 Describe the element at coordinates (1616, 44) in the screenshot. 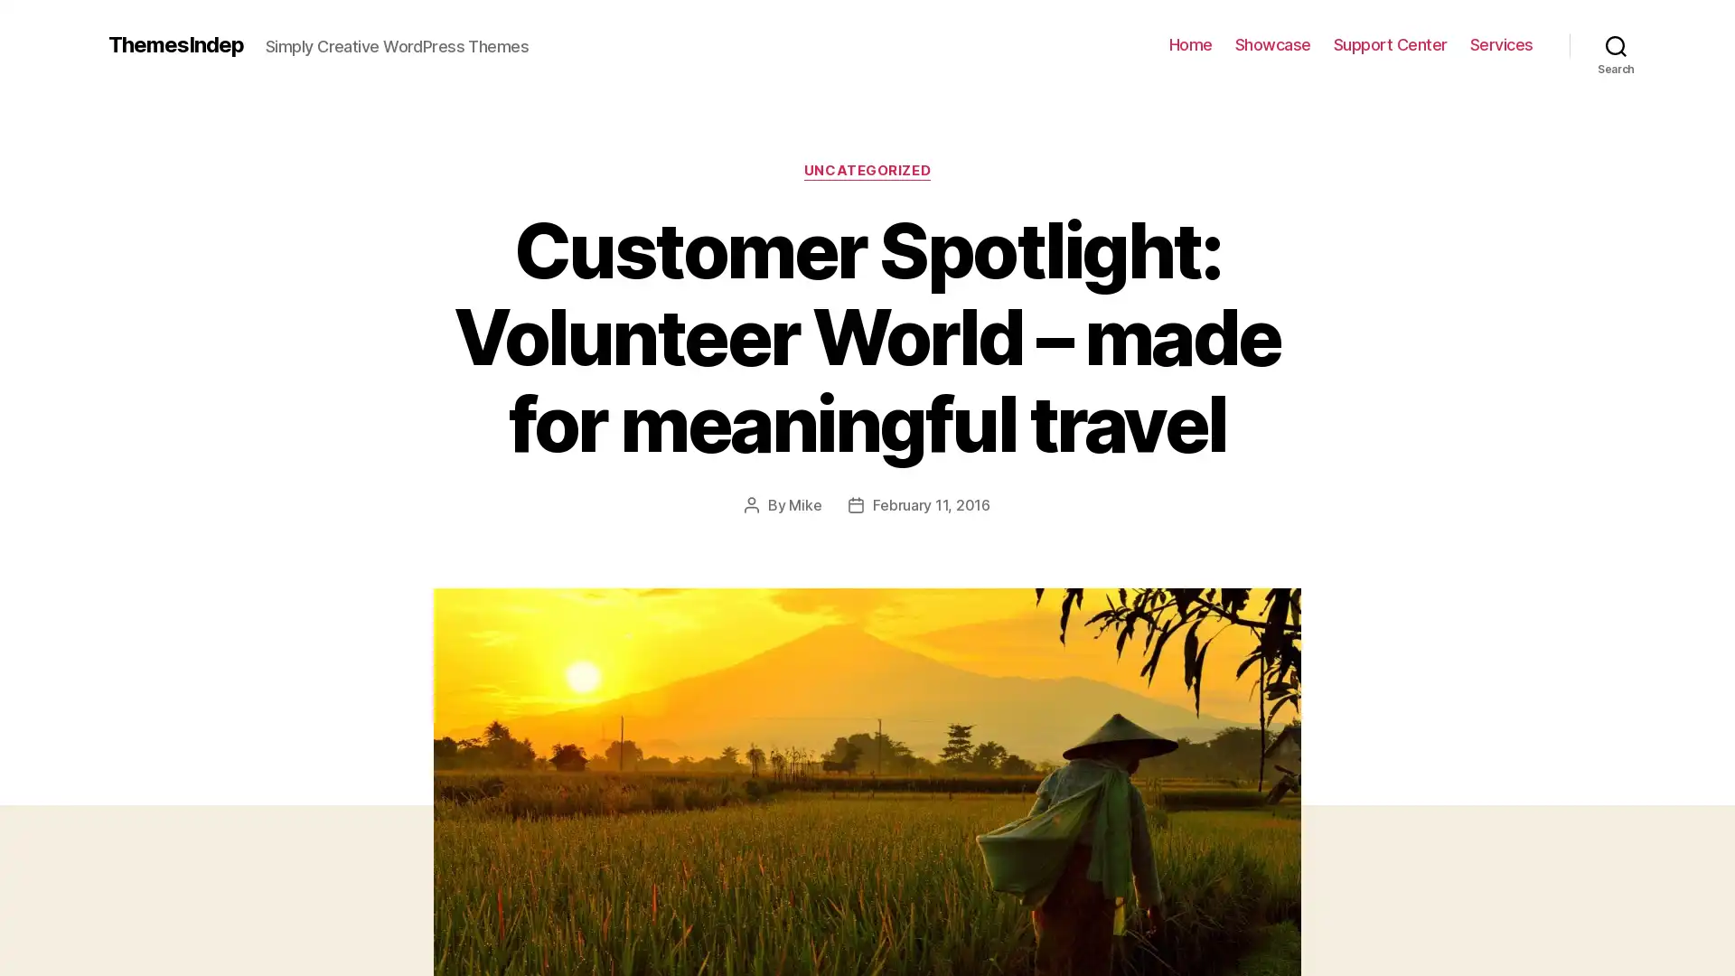

I see `Search` at that location.